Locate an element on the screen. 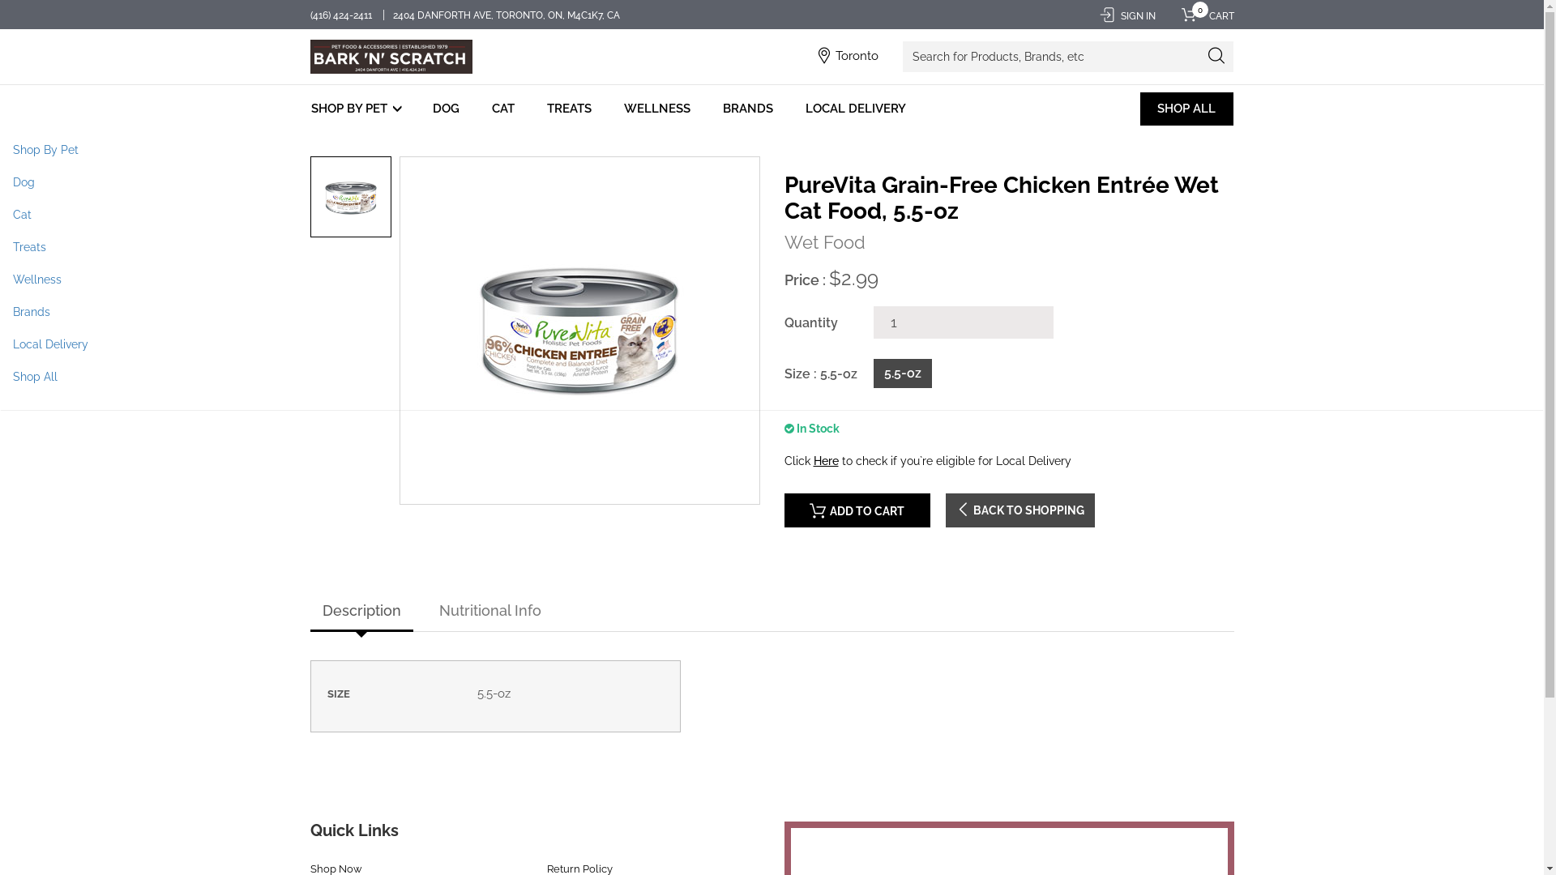  '0 CART' is located at coordinates (1203, 15).